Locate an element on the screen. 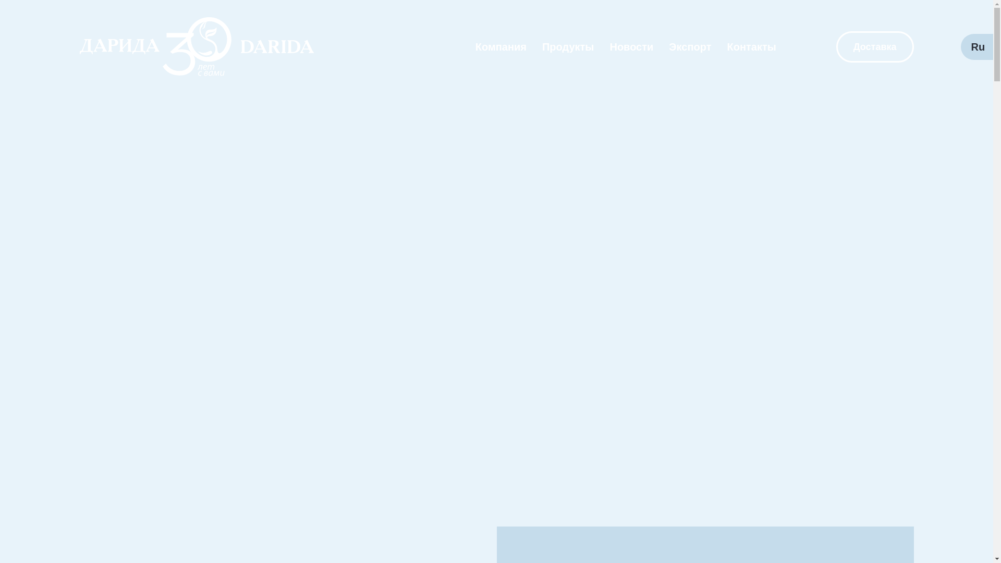  'Ru' is located at coordinates (977, 46).